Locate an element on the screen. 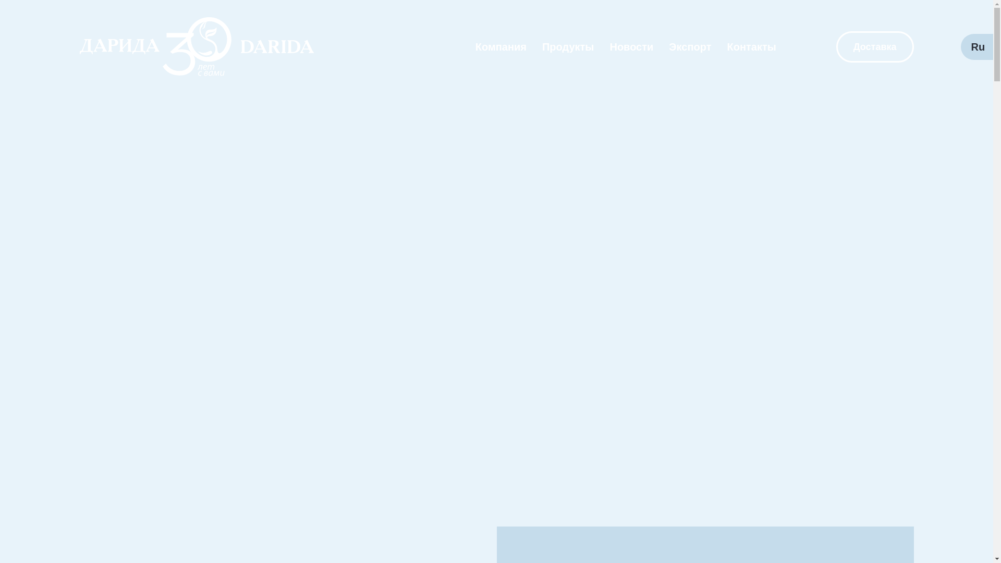  'Ru' is located at coordinates (977, 46).